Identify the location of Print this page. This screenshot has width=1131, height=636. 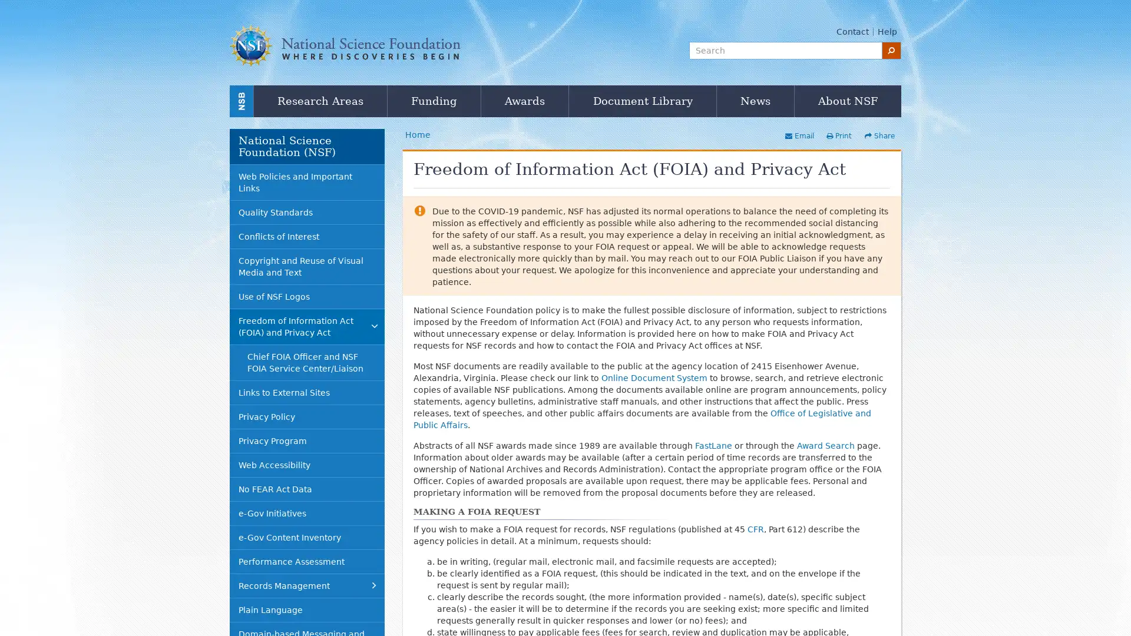
(838, 135).